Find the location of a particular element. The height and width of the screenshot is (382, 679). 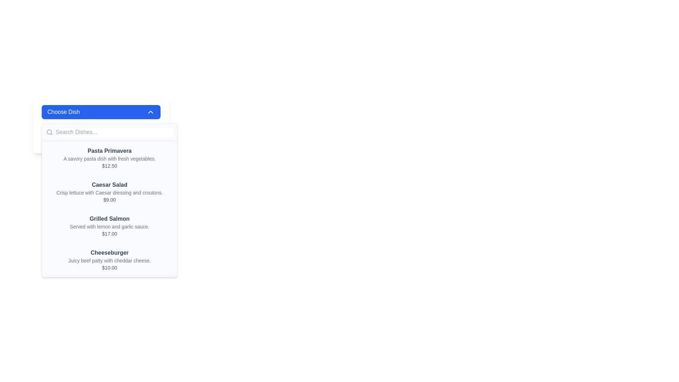

the text label providing additional details about the 'Grilled Salmon' dish, which is located centrally in the dropdown menu, below the title and above the price is located at coordinates (109, 226).